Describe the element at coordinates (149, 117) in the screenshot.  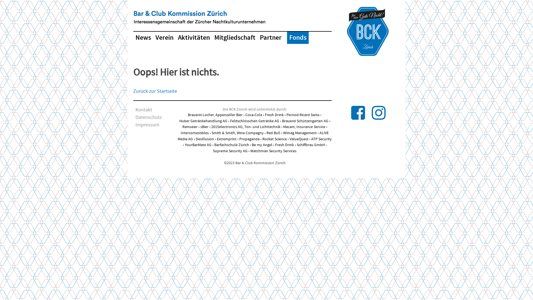
I see `'Datenschutz'` at that location.